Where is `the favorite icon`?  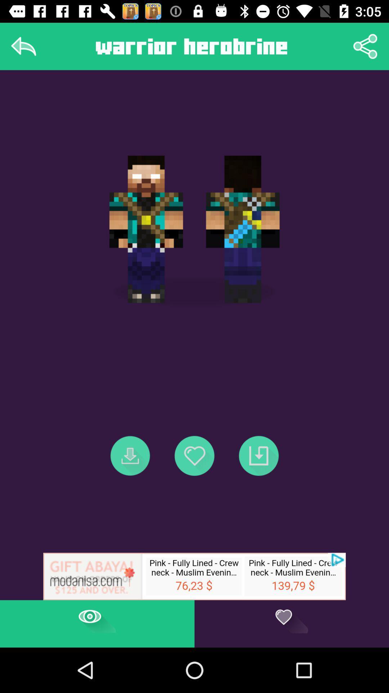
the favorite icon is located at coordinates (194, 455).